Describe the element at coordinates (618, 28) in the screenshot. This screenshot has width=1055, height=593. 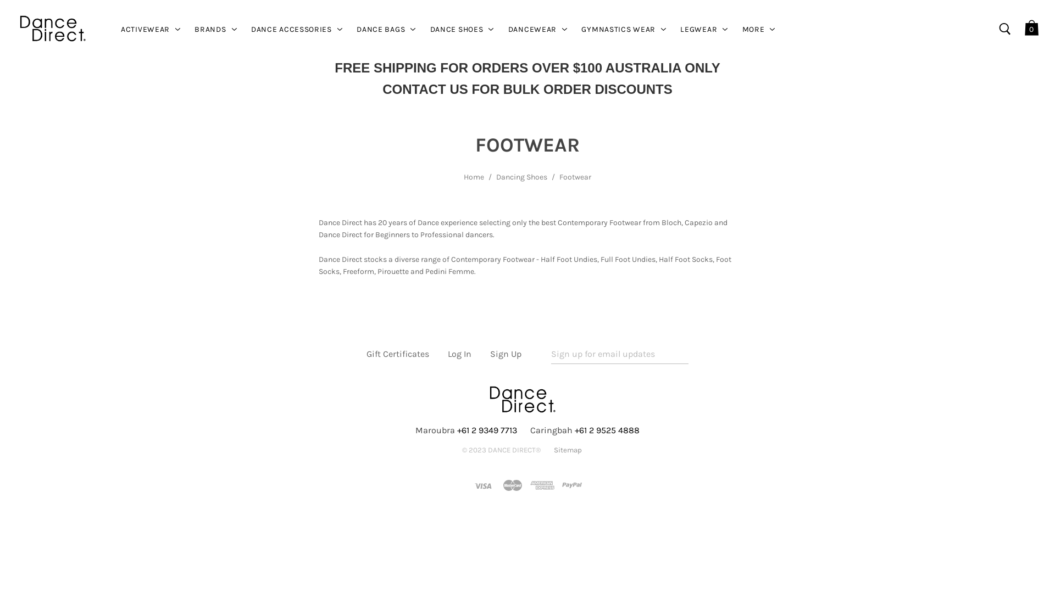
I see `'GYMNASTICS WEAR'` at that location.